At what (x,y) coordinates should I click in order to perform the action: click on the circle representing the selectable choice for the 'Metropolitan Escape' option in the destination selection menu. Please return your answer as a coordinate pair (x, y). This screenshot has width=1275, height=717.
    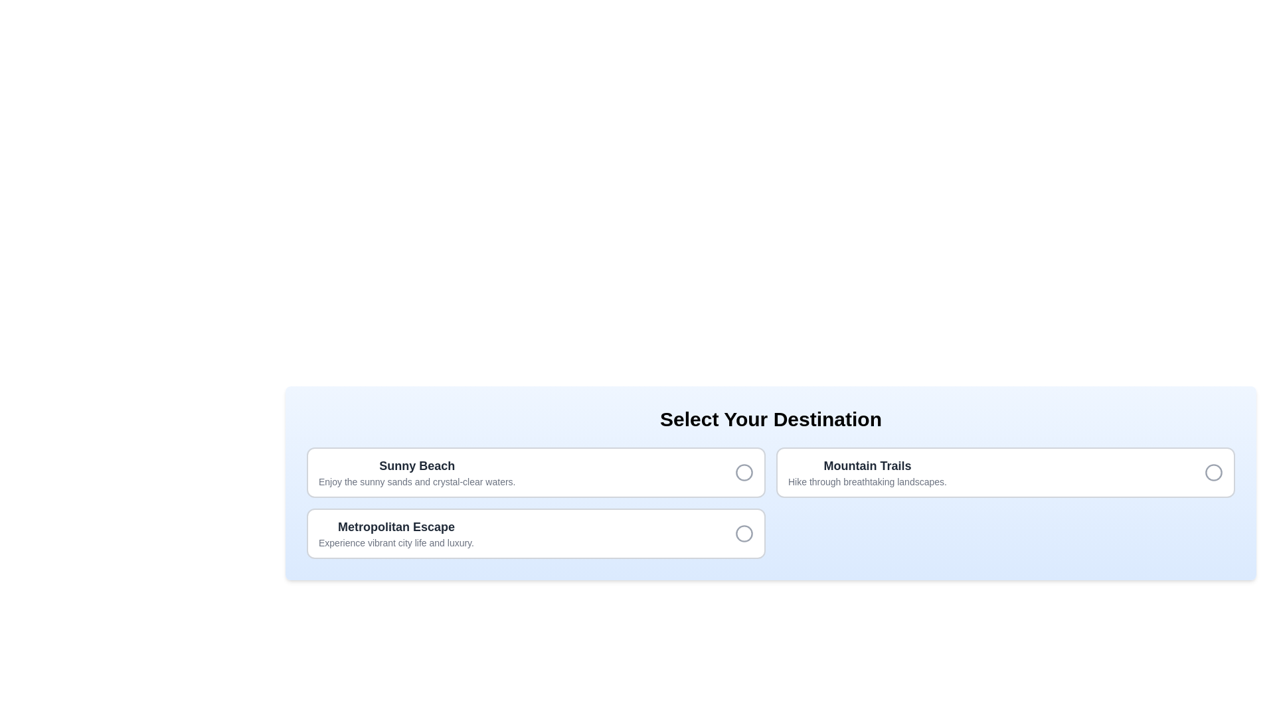
    Looking at the image, I should click on (744, 532).